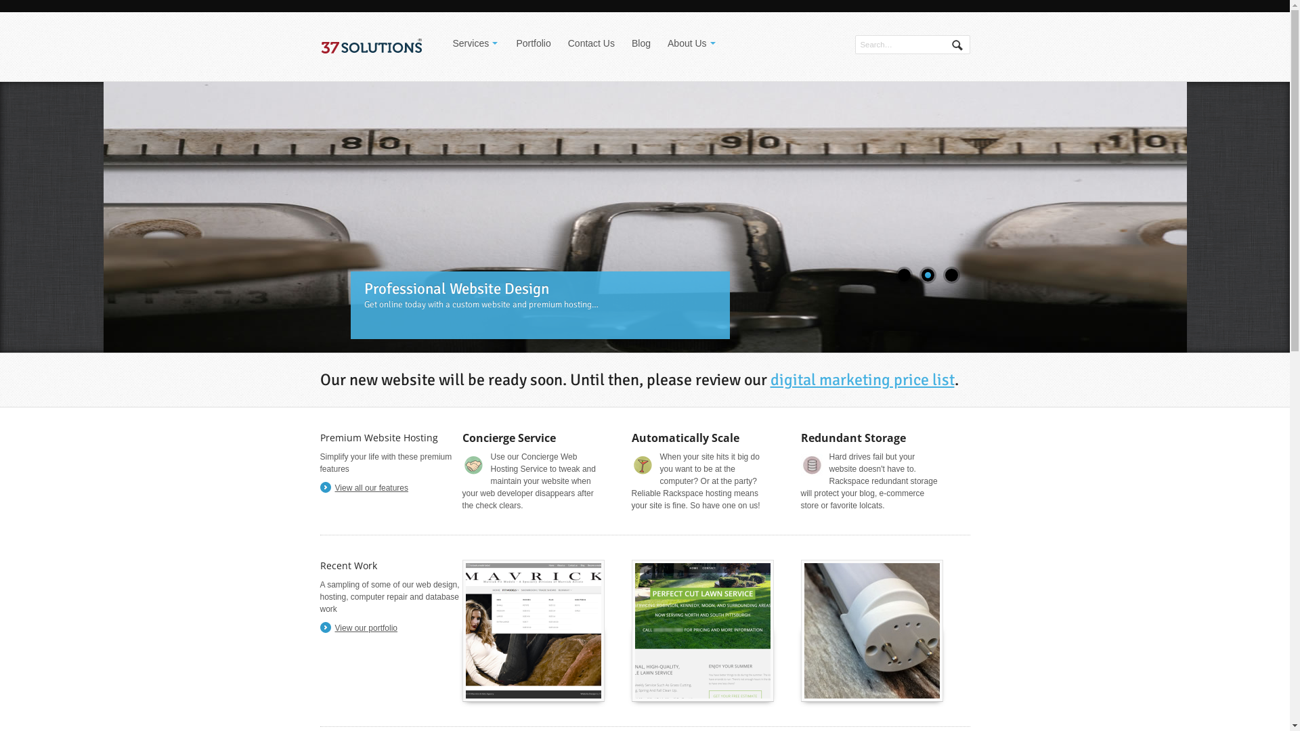 The width and height of the screenshot is (1300, 731). What do you see at coordinates (852, 438) in the screenshot?
I see `'Redundant Storage'` at bounding box center [852, 438].